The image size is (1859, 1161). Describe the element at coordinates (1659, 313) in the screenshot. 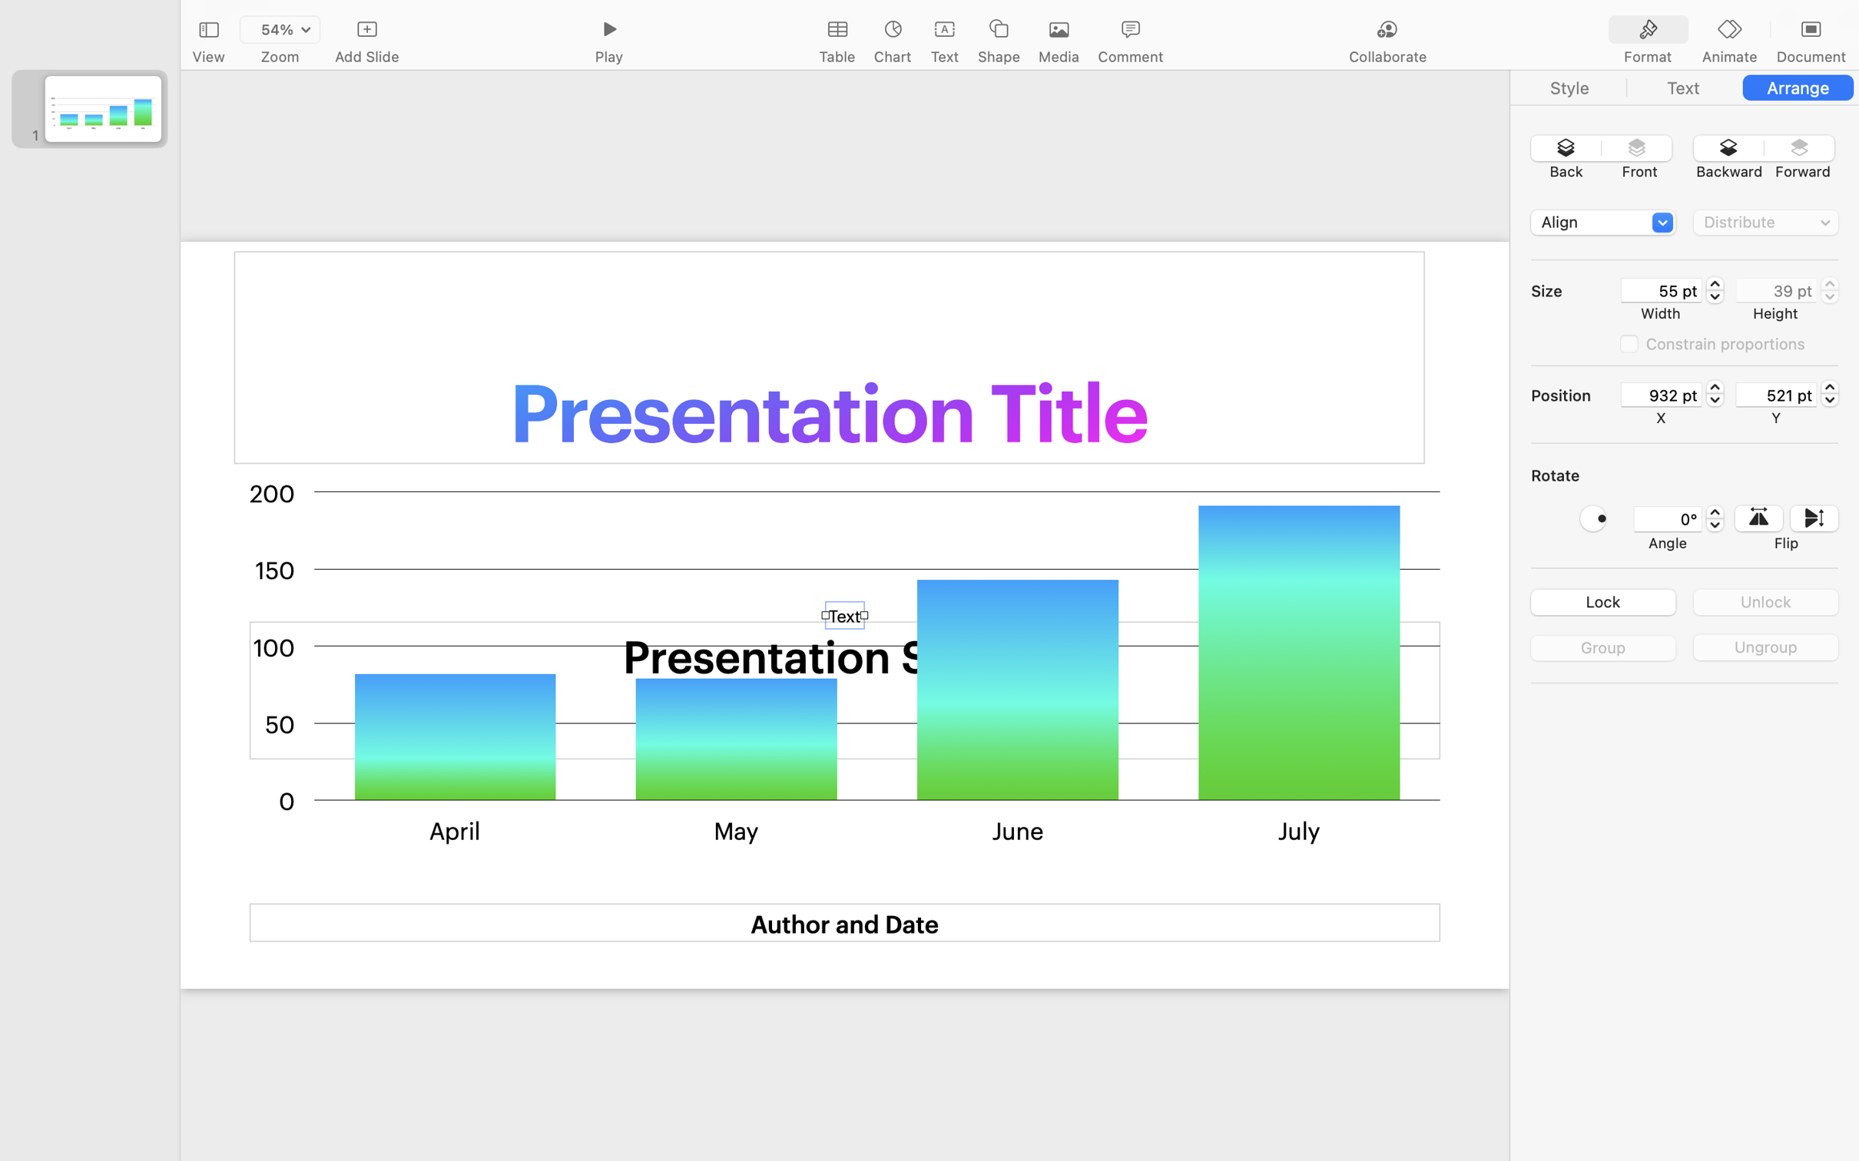

I see `'Width'` at that location.